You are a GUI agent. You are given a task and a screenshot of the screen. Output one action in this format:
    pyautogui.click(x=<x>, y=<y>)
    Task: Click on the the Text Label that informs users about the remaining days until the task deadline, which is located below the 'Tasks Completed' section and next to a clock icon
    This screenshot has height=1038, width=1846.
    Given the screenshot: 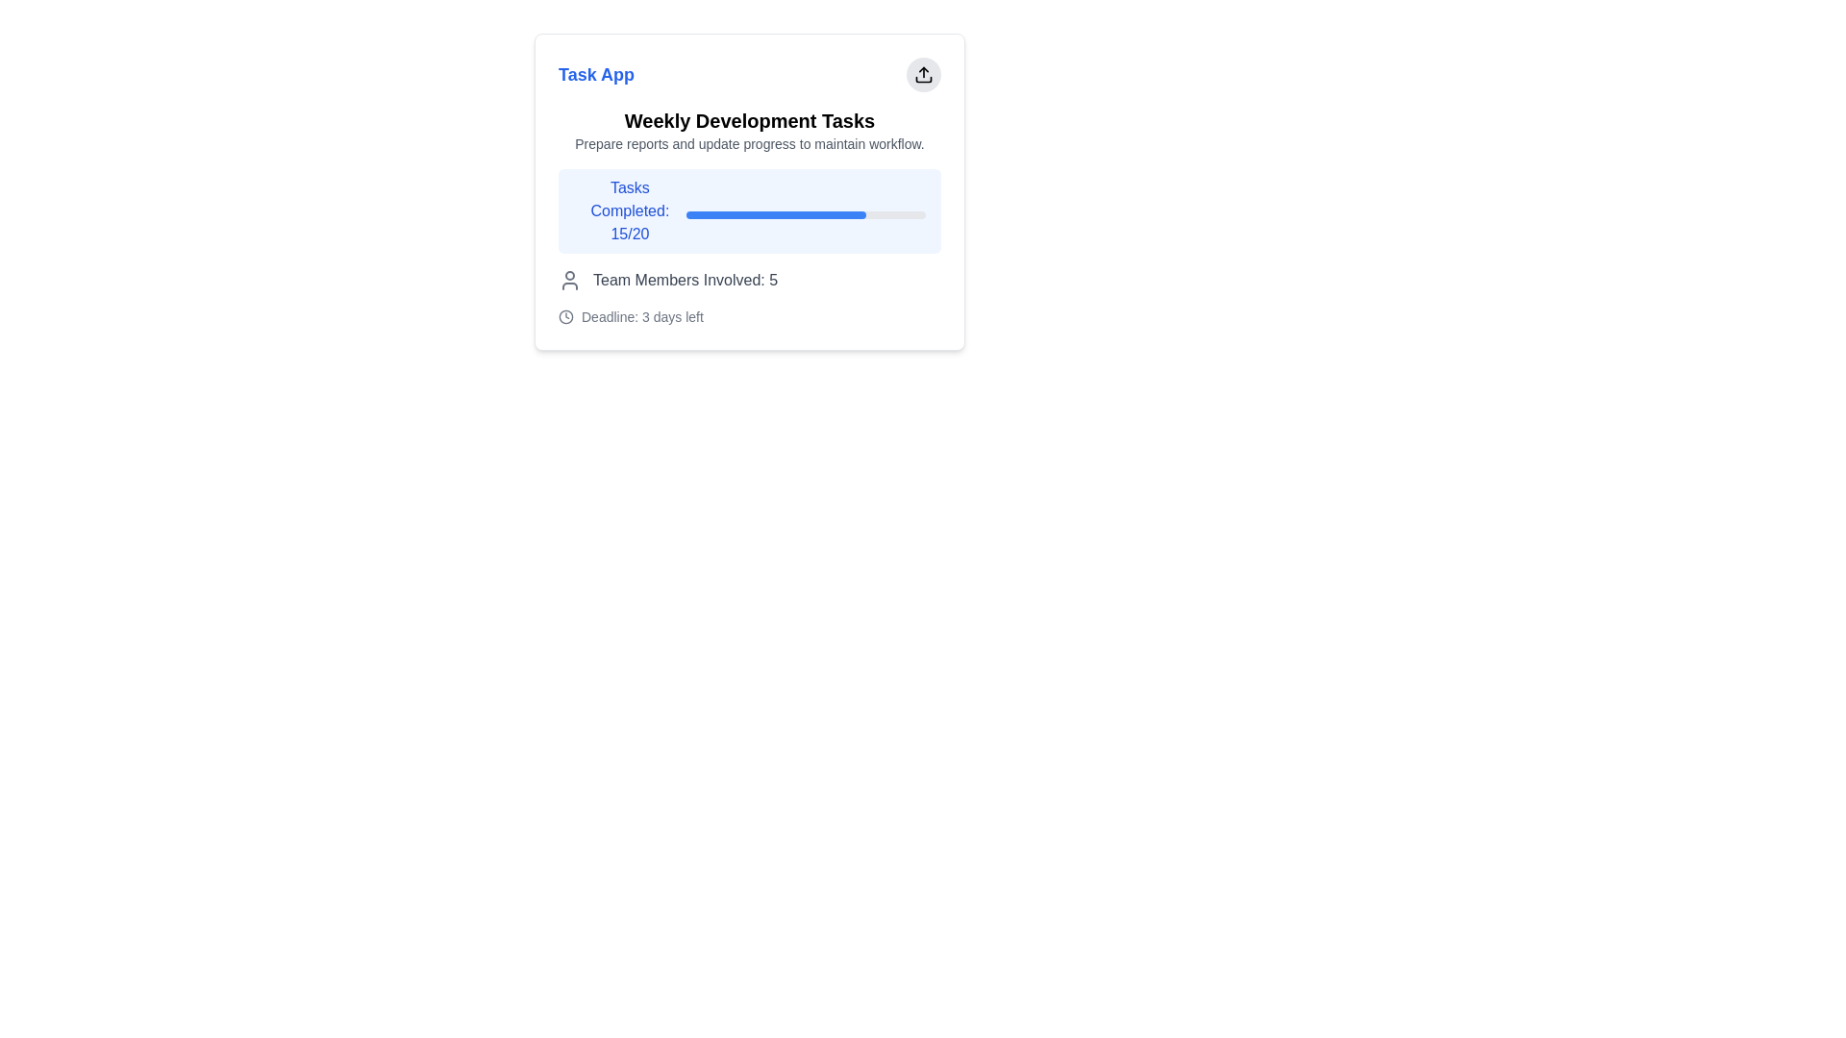 What is the action you would take?
    pyautogui.click(x=642, y=316)
    